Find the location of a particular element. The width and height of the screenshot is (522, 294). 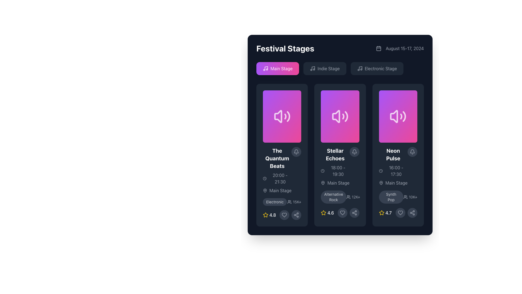

the favorite or like icon button located in the bottom-right corner of the 'Neon Pulse' card is located at coordinates (400, 213).